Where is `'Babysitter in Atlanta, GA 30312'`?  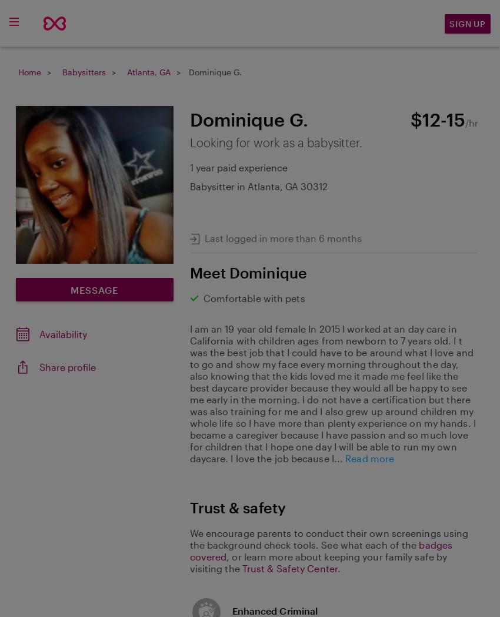 'Babysitter in Atlanta, GA 30312' is located at coordinates (258, 185).